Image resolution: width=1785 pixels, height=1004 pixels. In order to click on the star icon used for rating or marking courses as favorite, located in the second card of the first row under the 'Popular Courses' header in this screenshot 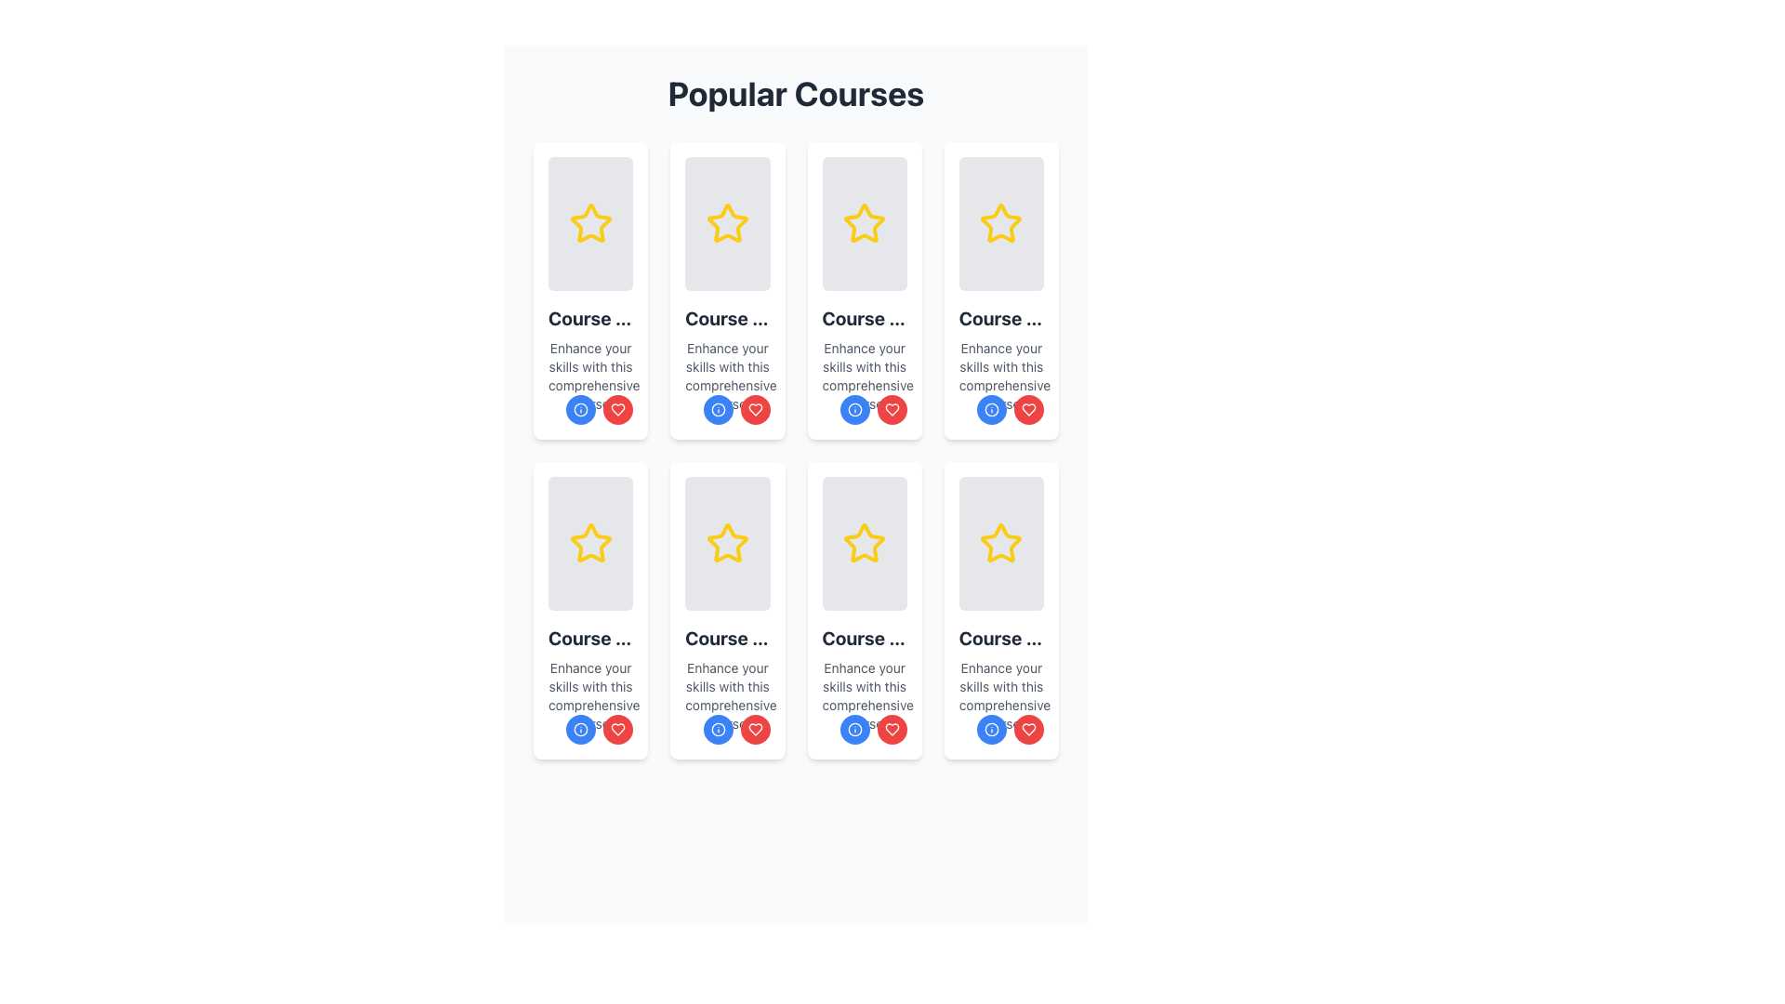, I will do `click(726, 222)`.